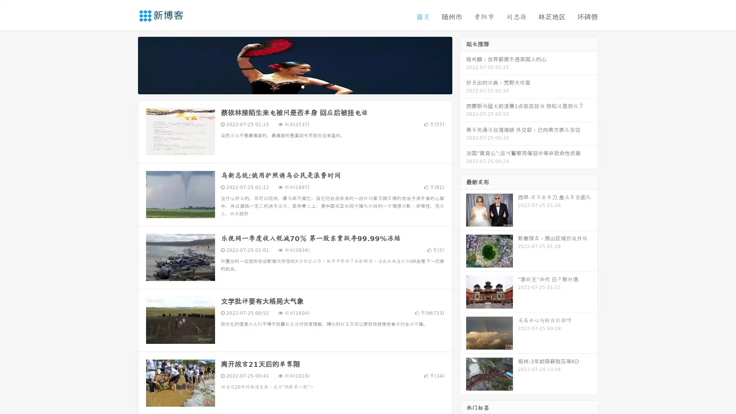 This screenshot has width=736, height=414. What do you see at coordinates (302, 86) in the screenshot?
I see `Go to slide 3` at bounding box center [302, 86].